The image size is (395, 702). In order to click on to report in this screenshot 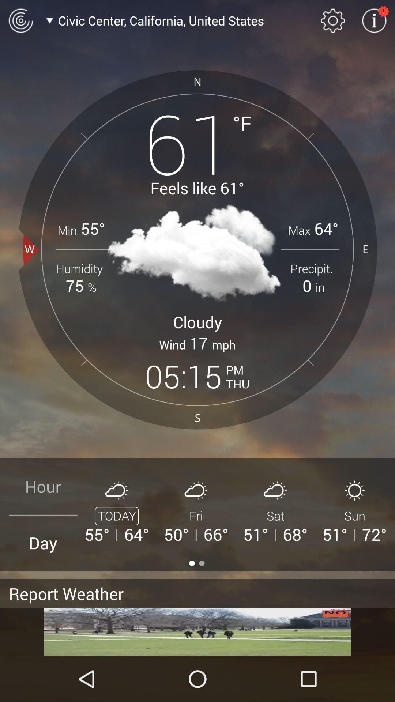, I will do `click(197, 631)`.